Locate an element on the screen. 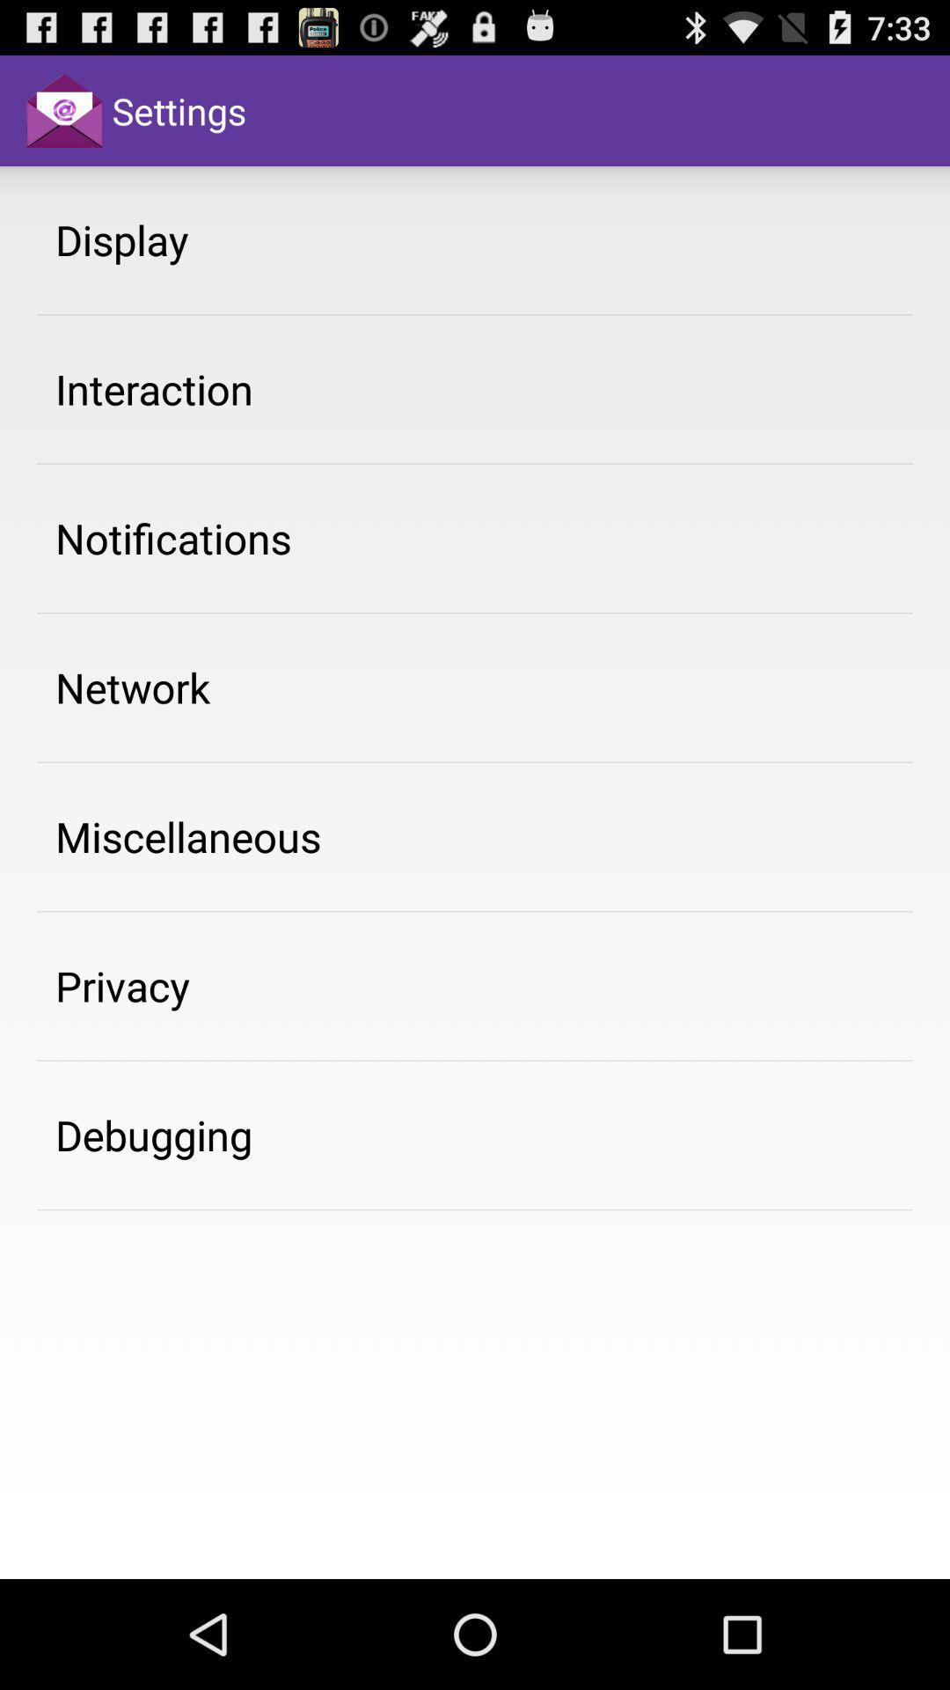 This screenshot has width=950, height=1690. the notifications item is located at coordinates (173, 537).